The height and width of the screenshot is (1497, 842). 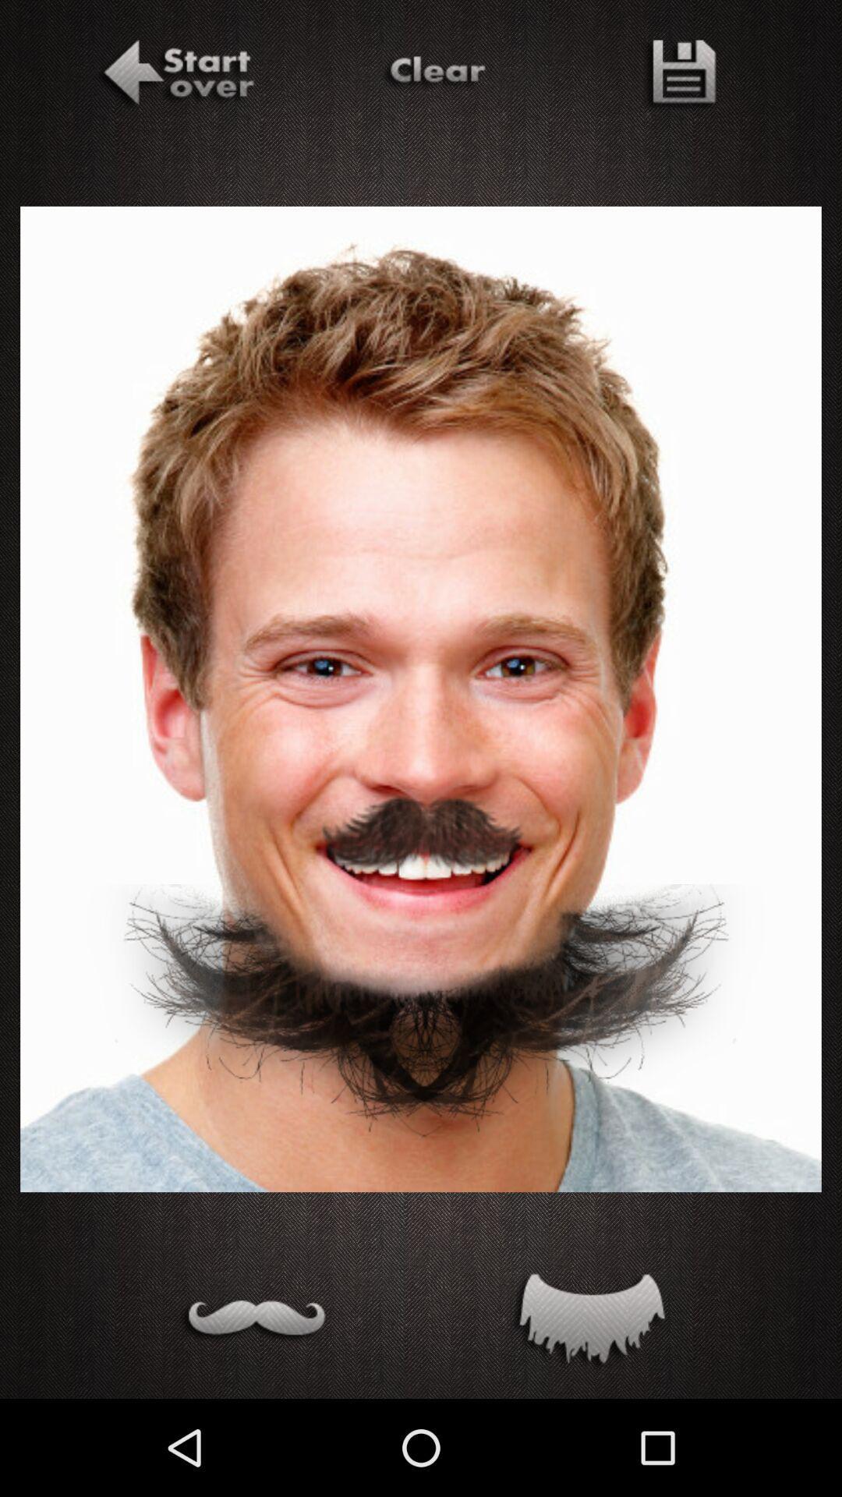 What do you see at coordinates (678, 75) in the screenshot?
I see `the file` at bounding box center [678, 75].